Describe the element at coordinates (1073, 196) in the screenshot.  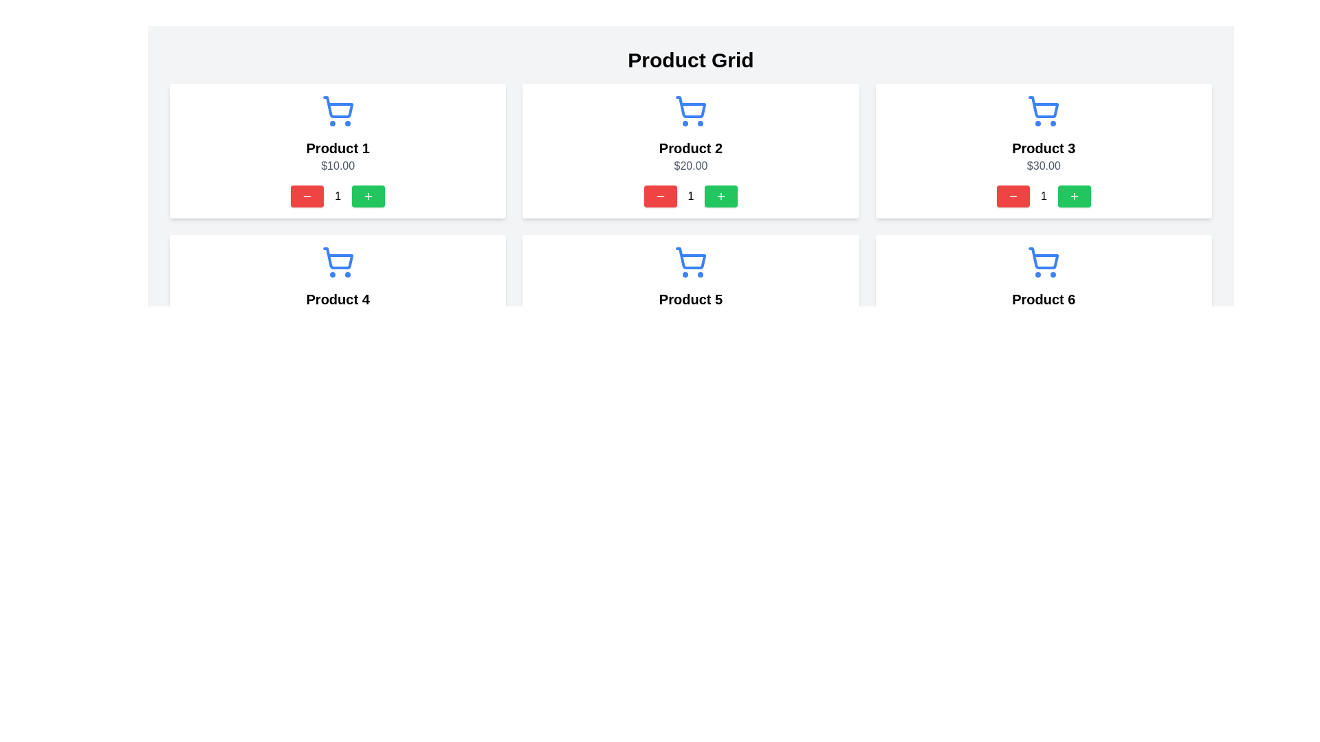
I see `the green rectangular button with a white plus symbol in the third product card labeled 'Product 3' to increment the quantity` at that location.